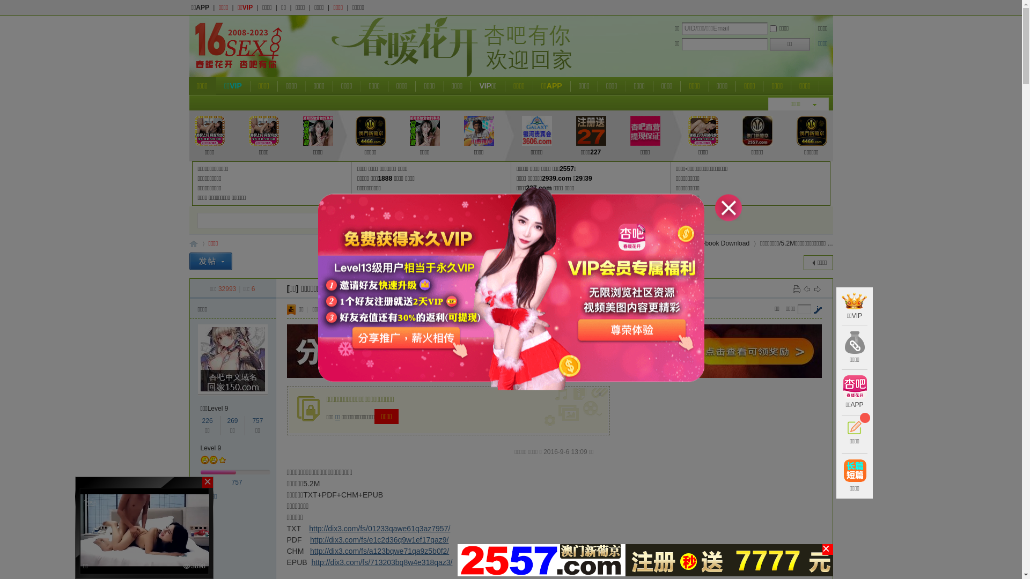 Image resolution: width=1030 pixels, height=579 pixels. Describe the element at coordinates (217, 409) in the screenshot. I see `'Level 9'` at that location.